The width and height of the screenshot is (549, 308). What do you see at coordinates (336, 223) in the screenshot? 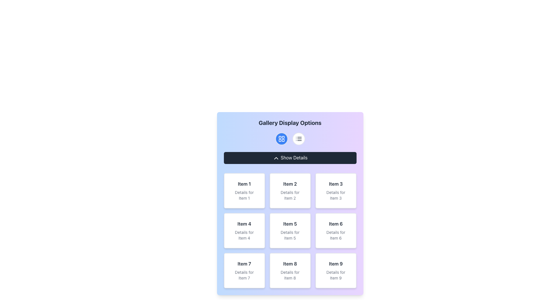
I see `the text label reading 'Item 6' which is styled with a bold font and dark gray color, located at the center of the sixth card in a 3x3 grid layout, above the text 'Details for Item 6'` at bounding box center [336, 223].